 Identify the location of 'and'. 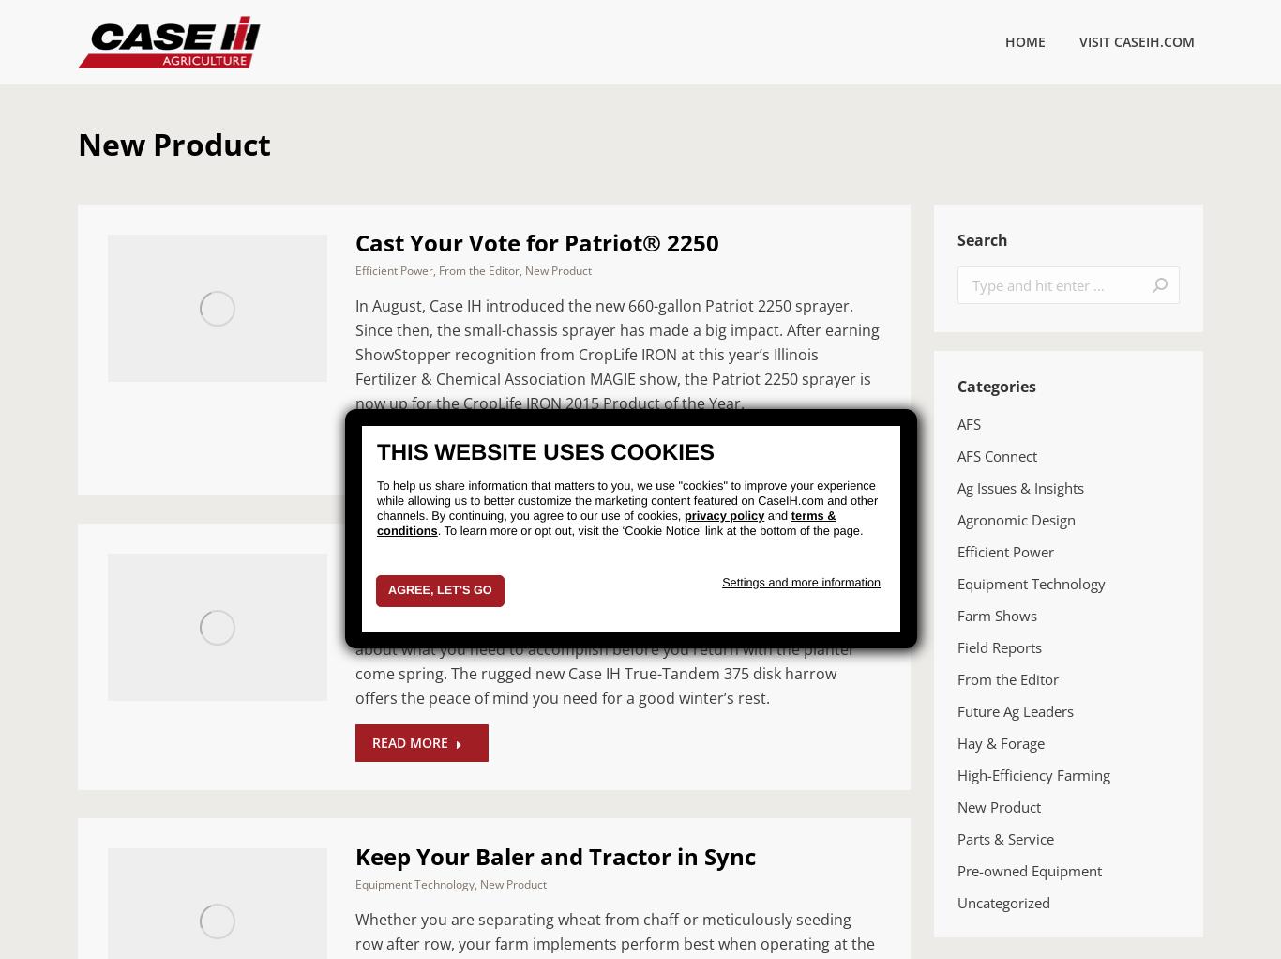
(776, 514).